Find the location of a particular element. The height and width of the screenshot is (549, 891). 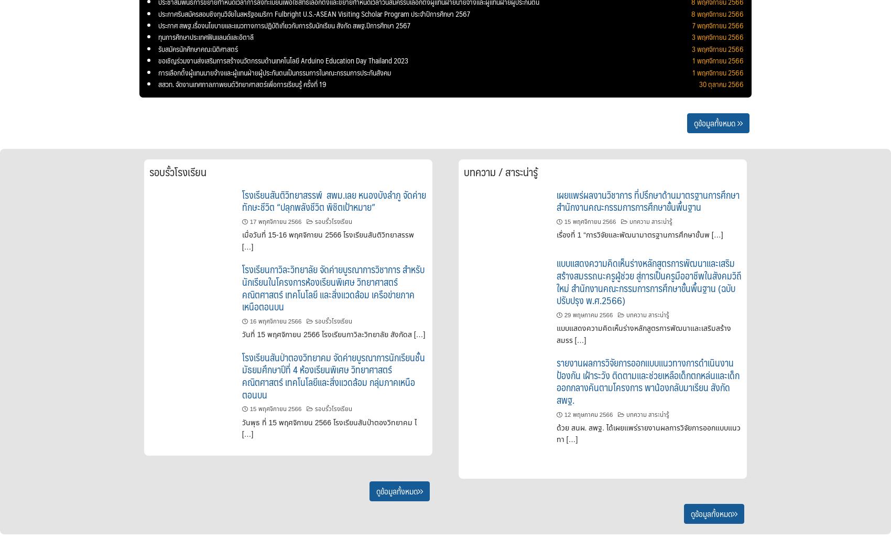

'สสวท. จัดงานเทศกาลภาพยนต์วิทยาศาสตร์เพื่อการเรียนรู้ ครั้งที่ 19' is located at coordinates (242, 83).